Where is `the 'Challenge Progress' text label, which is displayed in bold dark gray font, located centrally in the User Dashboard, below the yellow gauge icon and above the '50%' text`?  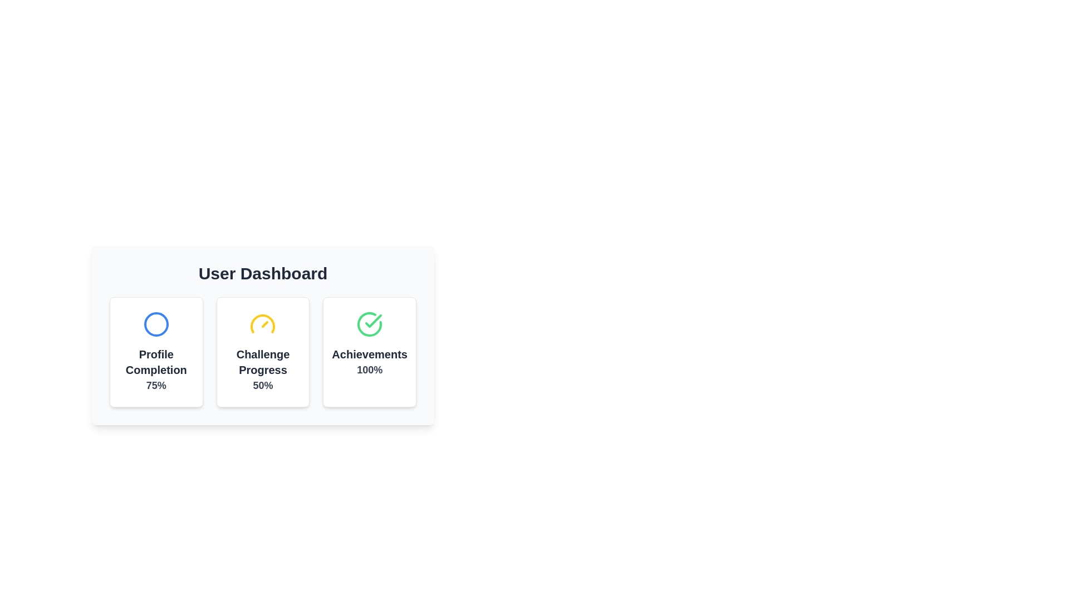
the 'Challenge Progress' text label, which is displayed in bold dark gray font, located centrally in the User Dashboard, below the yellow gauge icon and above the '50%' text is located at coordinates (262, 362).